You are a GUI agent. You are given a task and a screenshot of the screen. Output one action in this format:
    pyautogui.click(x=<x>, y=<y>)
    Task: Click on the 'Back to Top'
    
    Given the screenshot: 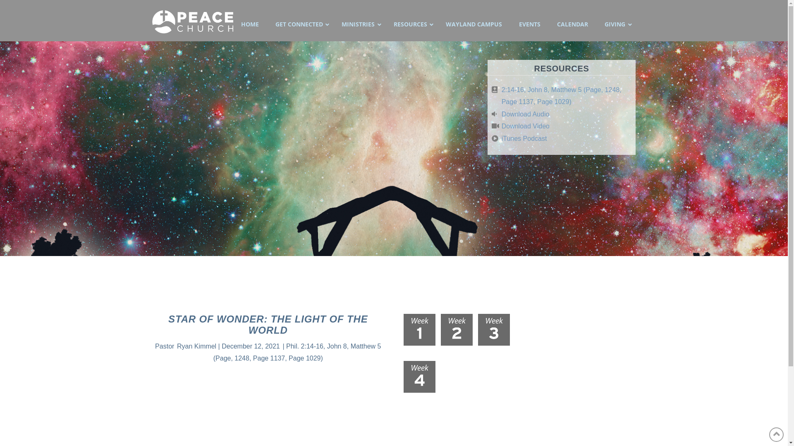 What is the action you would take?
    pyautogui.click(x=776, y=434)
    